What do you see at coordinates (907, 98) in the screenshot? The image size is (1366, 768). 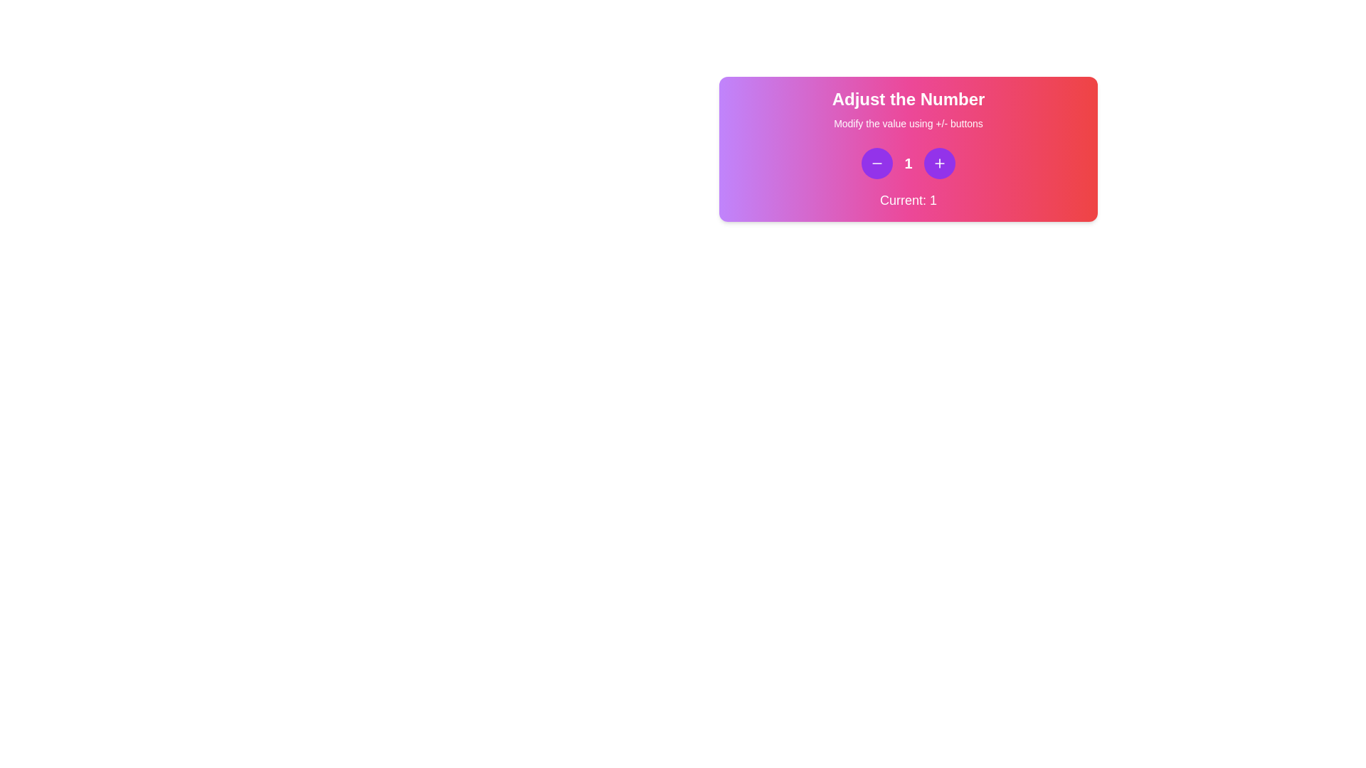 I see `the Header text element that displays 'Adjust the Number' in bold, large white text on a vibrant gradient background` at bounding box center [907, 98].